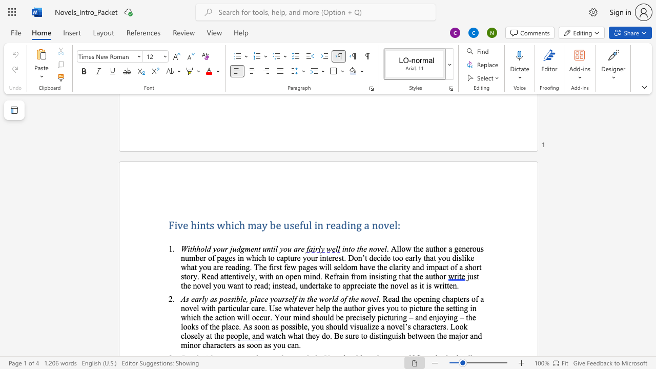  I want to click on the 2th character "i" in the text, so click(274, 249).